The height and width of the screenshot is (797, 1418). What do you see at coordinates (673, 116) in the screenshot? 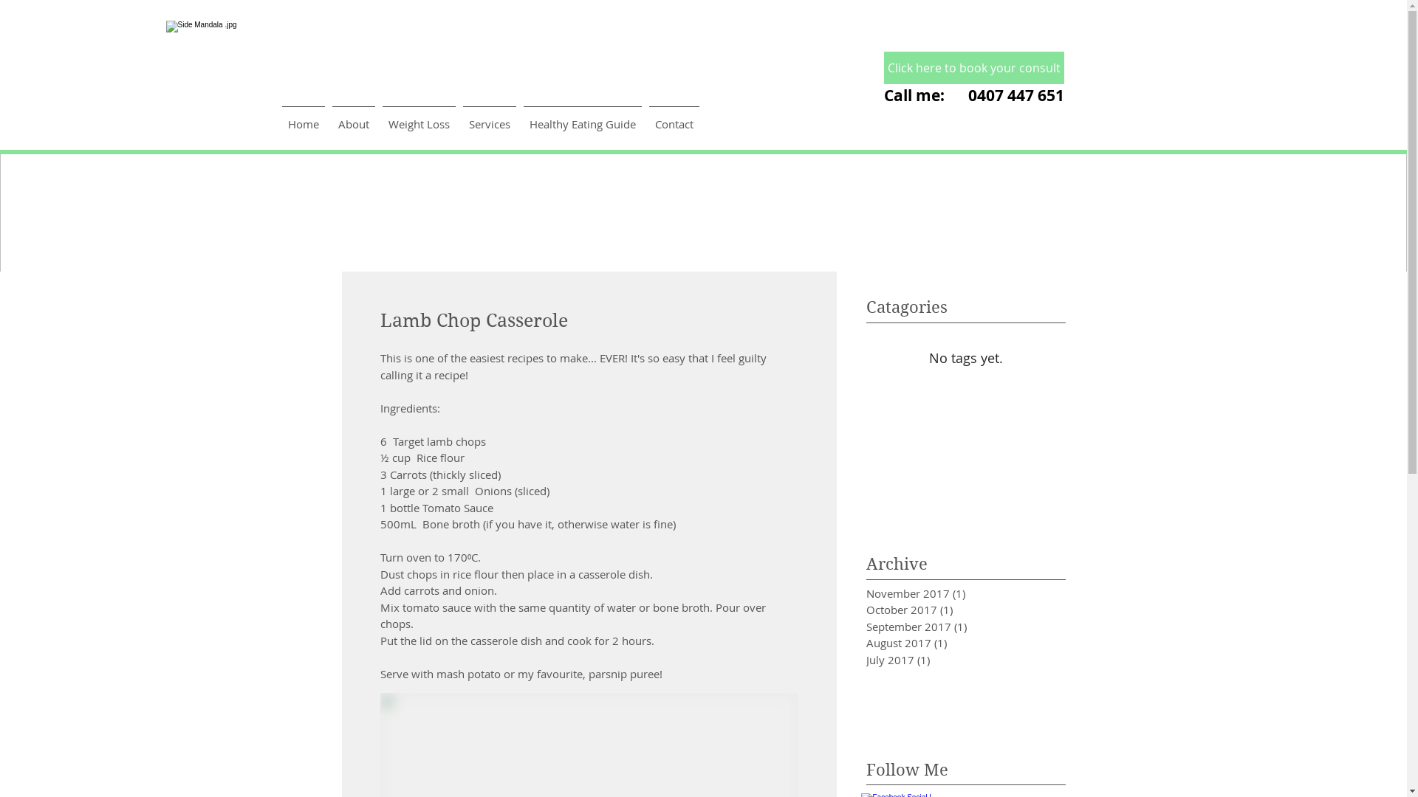
I see `'Contact'` at bounding box center [673, 116].